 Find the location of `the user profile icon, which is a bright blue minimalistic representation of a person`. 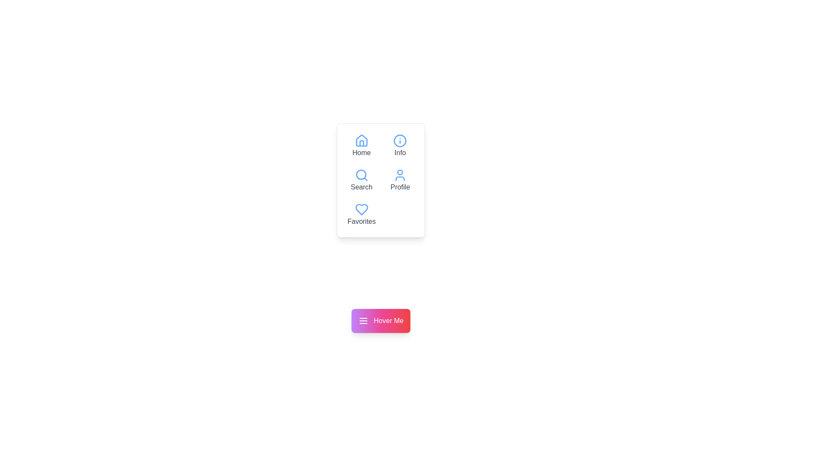

the user profile icon, which is a bright blue minimalistic representation of a person is located at coordinates (400, 175).